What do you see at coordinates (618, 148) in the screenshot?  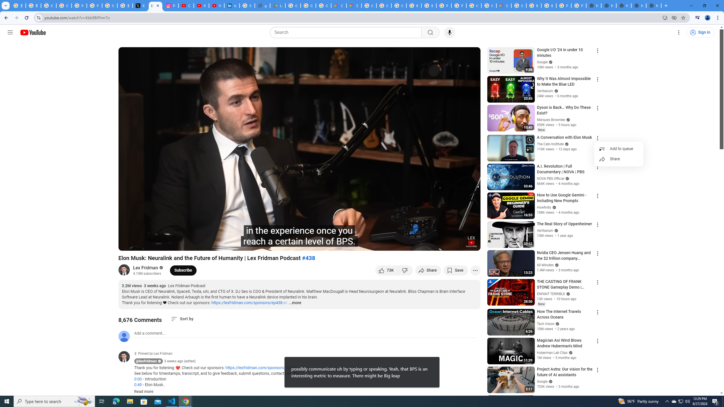 I see `'Add to queue'` at bounding box center [618, 148].